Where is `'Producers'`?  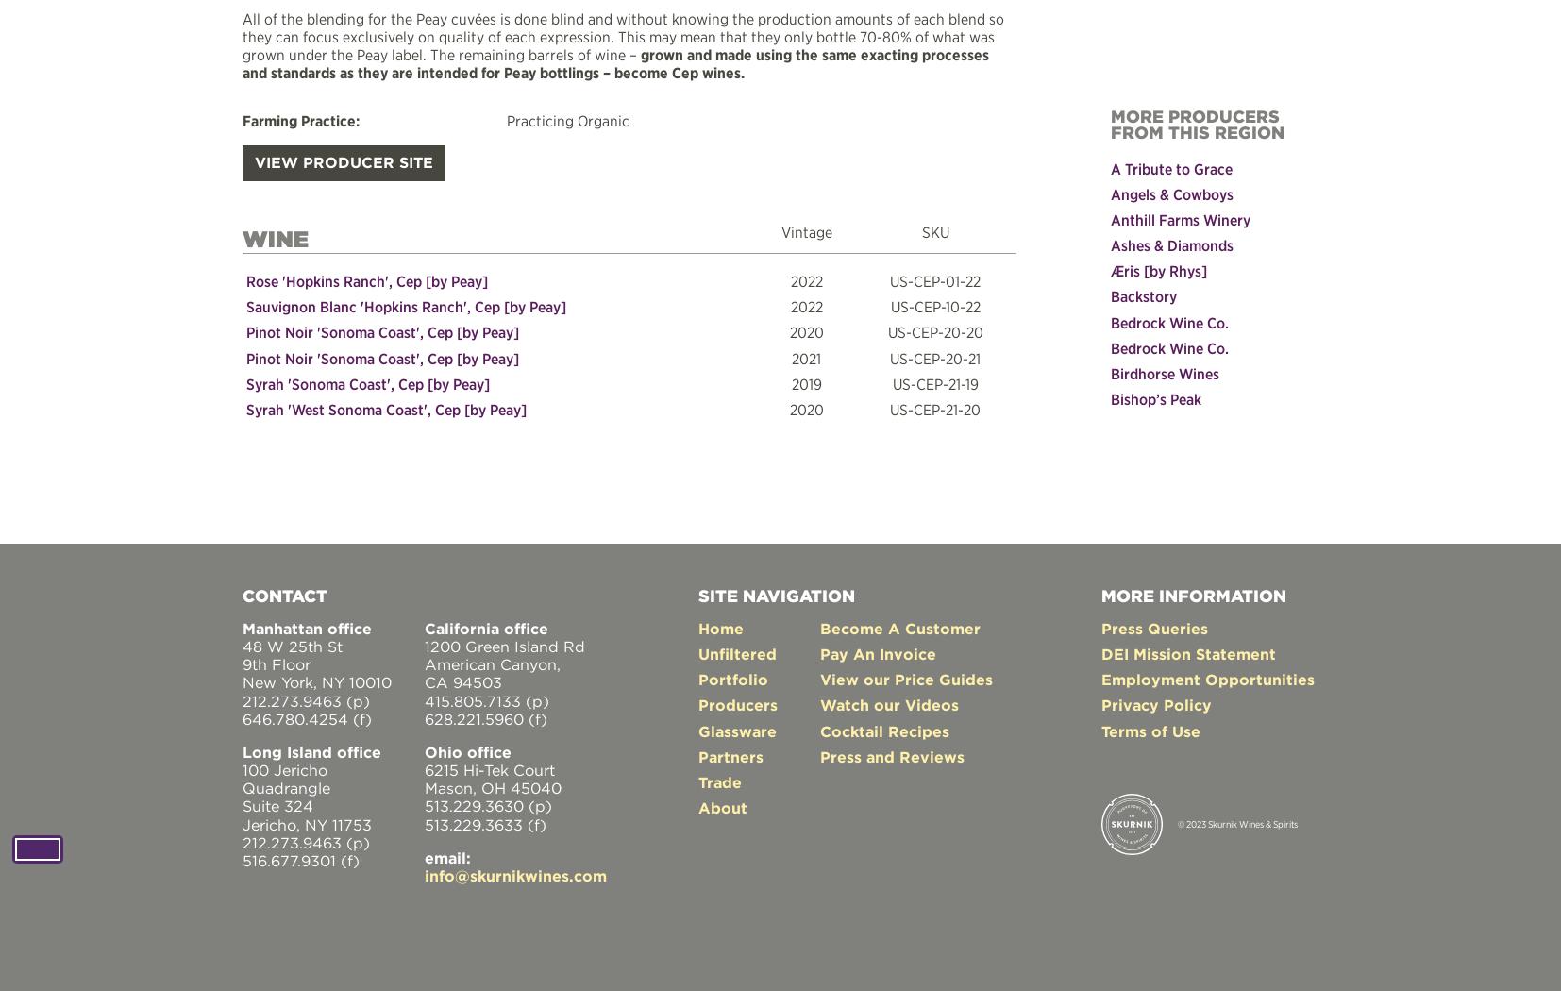
'Producers' is located at coordinates (738, 703).